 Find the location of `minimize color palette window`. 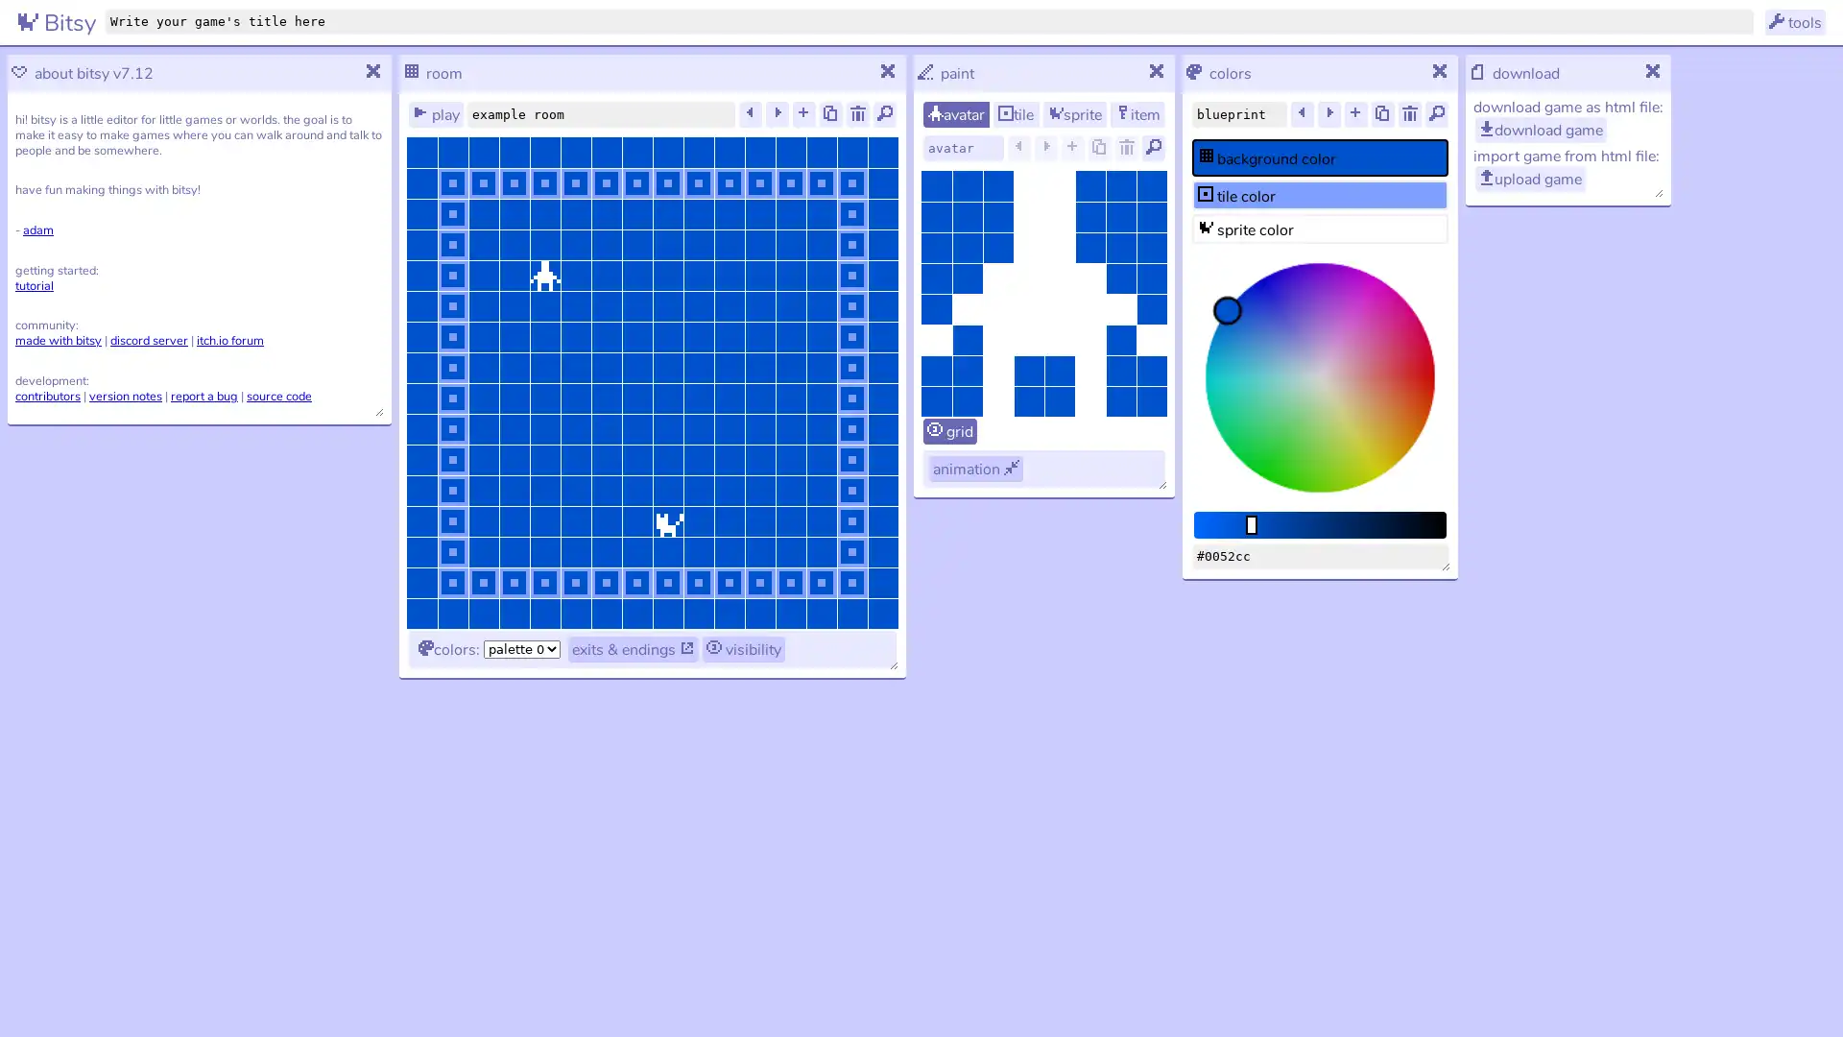

minimize color palette window is located at coordinates (1441, 72).